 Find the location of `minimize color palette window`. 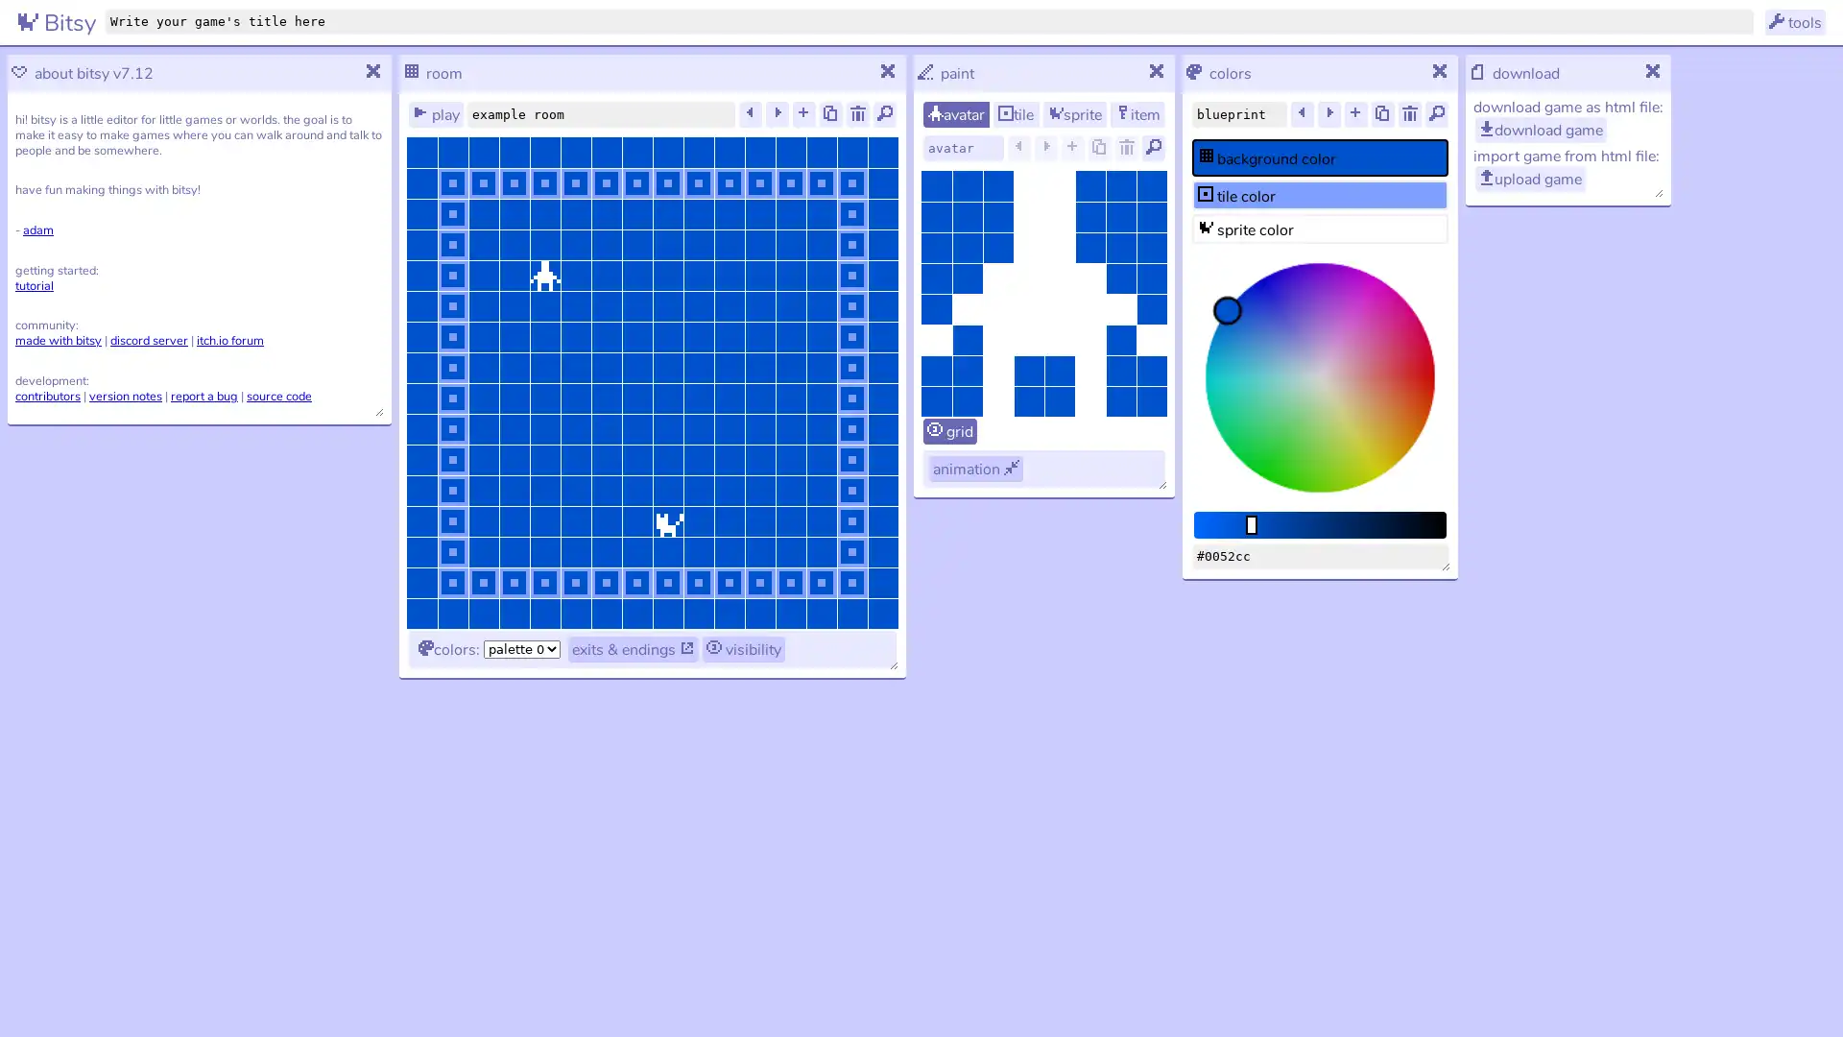

minimize color palette window is located at coordinates (1441, 72).